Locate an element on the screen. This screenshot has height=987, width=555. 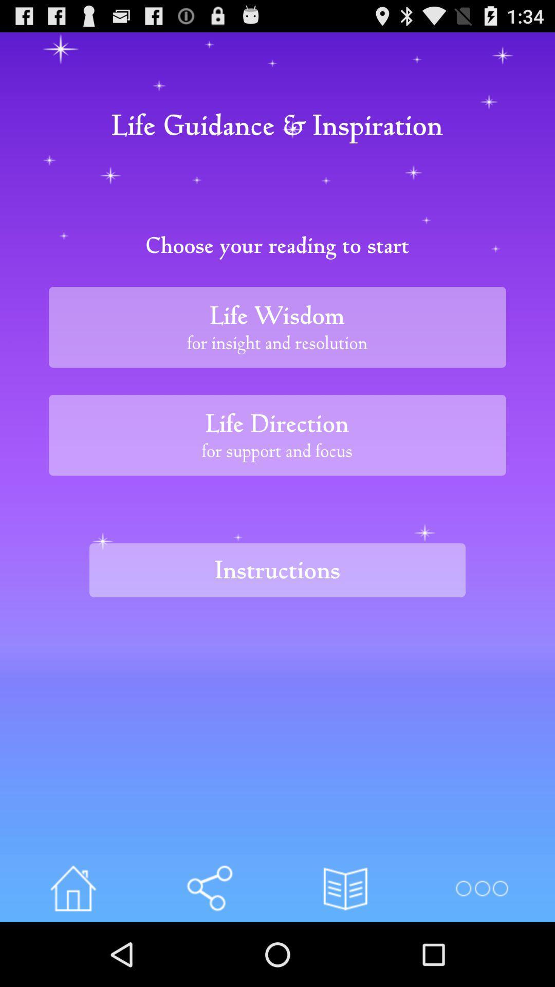
show readings is located at coordinates (345, 888).